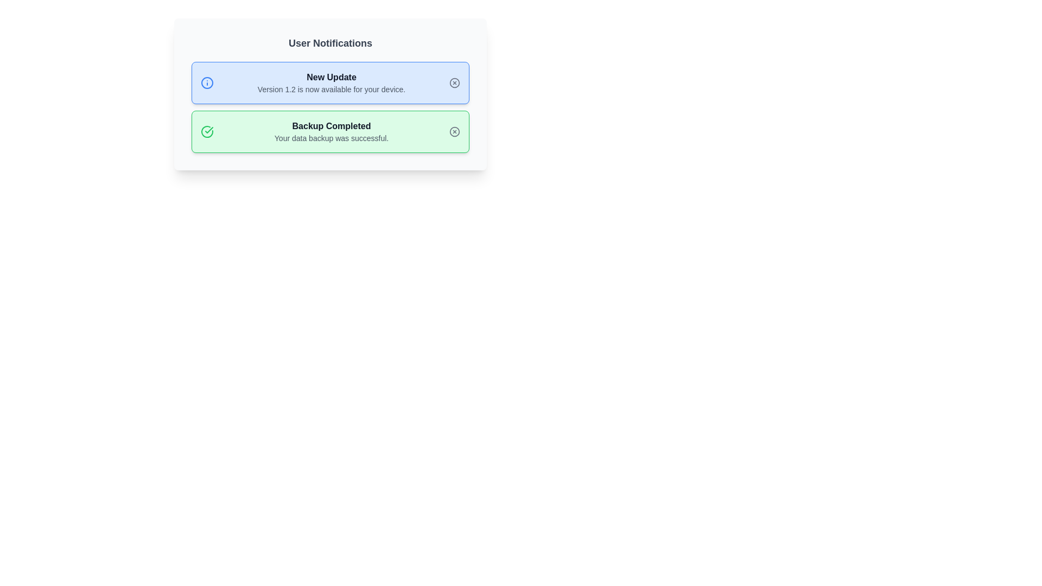 The image size is (1042, 586). What do you see at coordinates (207, 82) in the screenshot?
I see `the small circular information icon with a blue outline and white interior, which contains an 'i' symbol in blue, located at the top-left side of the notifications panel` at bounding box center [207, 82].